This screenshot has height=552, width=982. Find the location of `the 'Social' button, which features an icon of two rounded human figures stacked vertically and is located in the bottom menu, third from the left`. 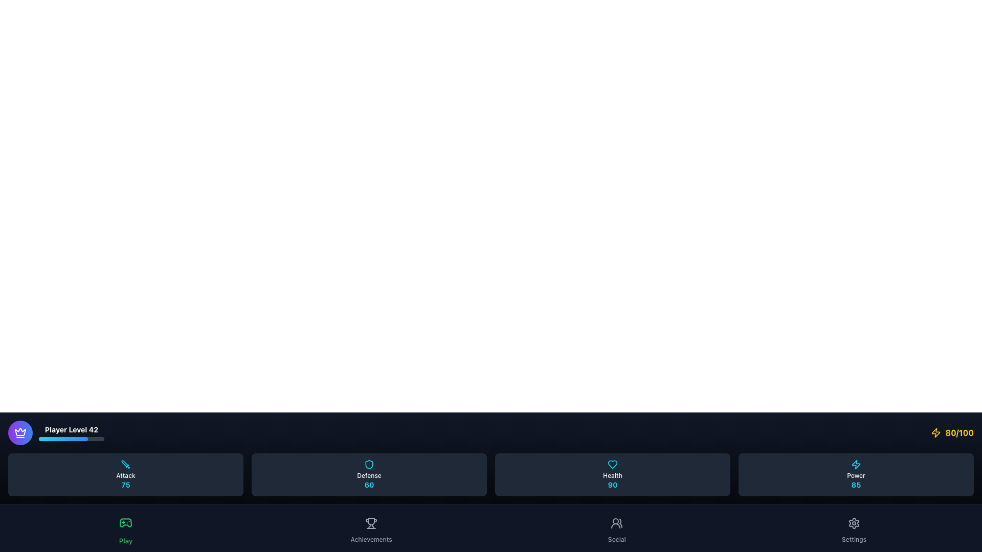

the 'Social' button, which features an icon of two rounded human figures stacked vertically and is located in the bottom menu, third from the left is located at coordinates (616, 528).